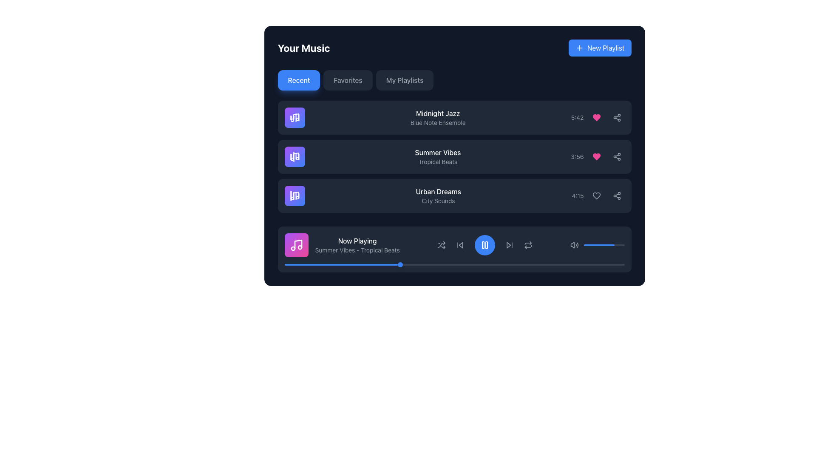  What do you see at coordinates (304, 48) in the screenshot?
I see `the header text that reads 'Your Music', which is prominently styled in bold, large white font against a dark background, located at the top-left corner of its section` at bounding box center [304, 48].